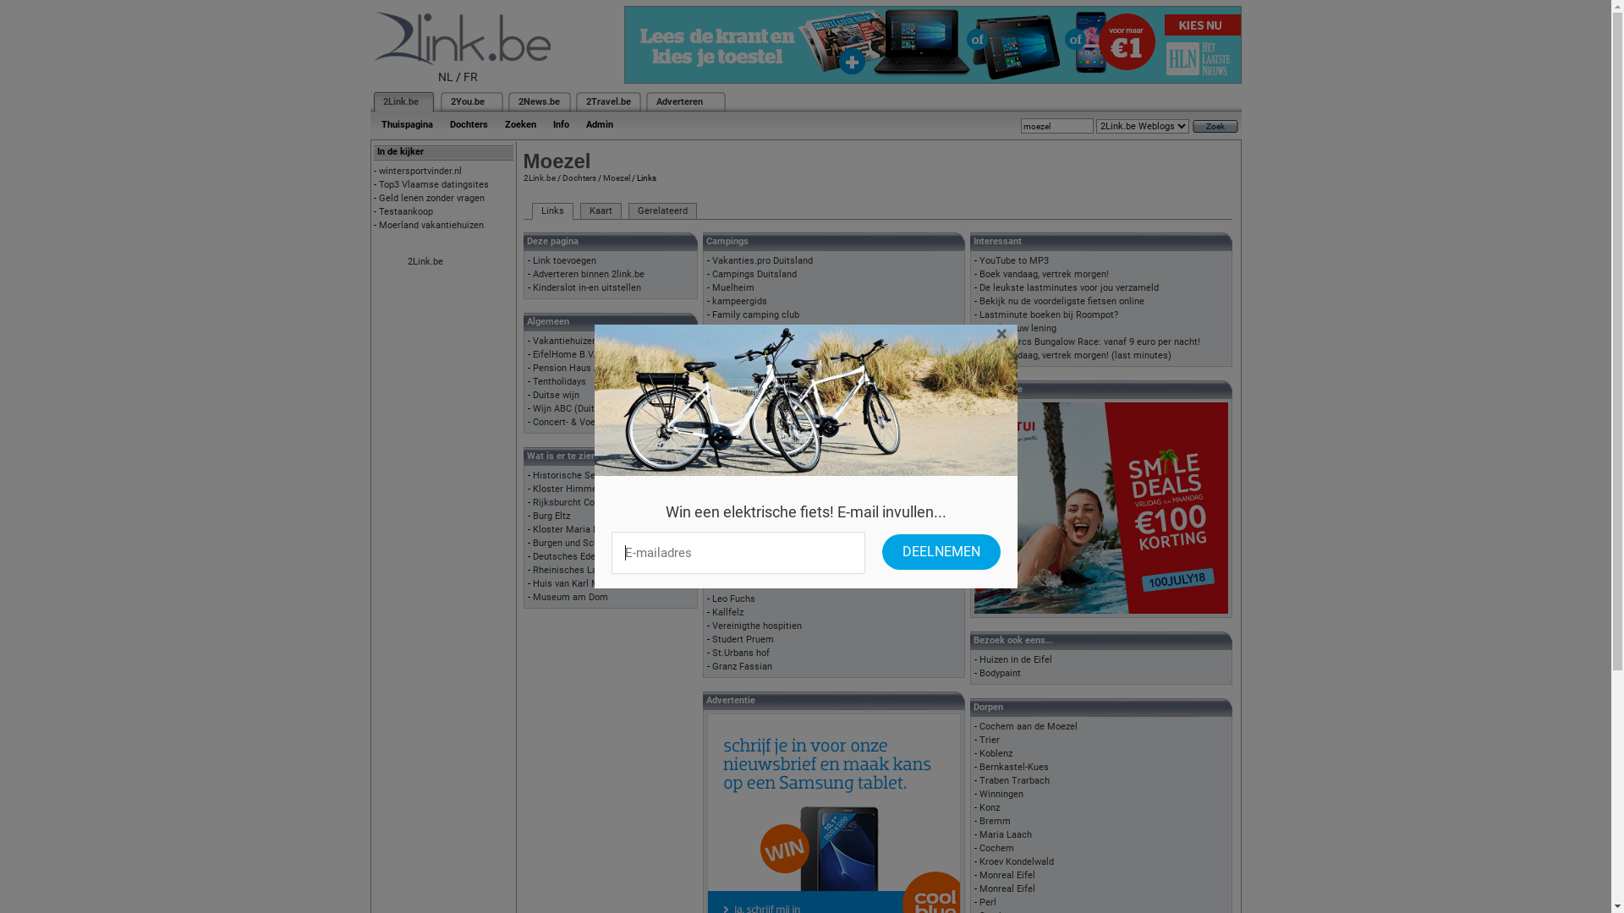 The width and height of the screenshot is (1624, 913). What do you see at coordinates (979, 780) in the screenshot?
I see `'Traben Trarbach'` at bounding box center [979, 780].